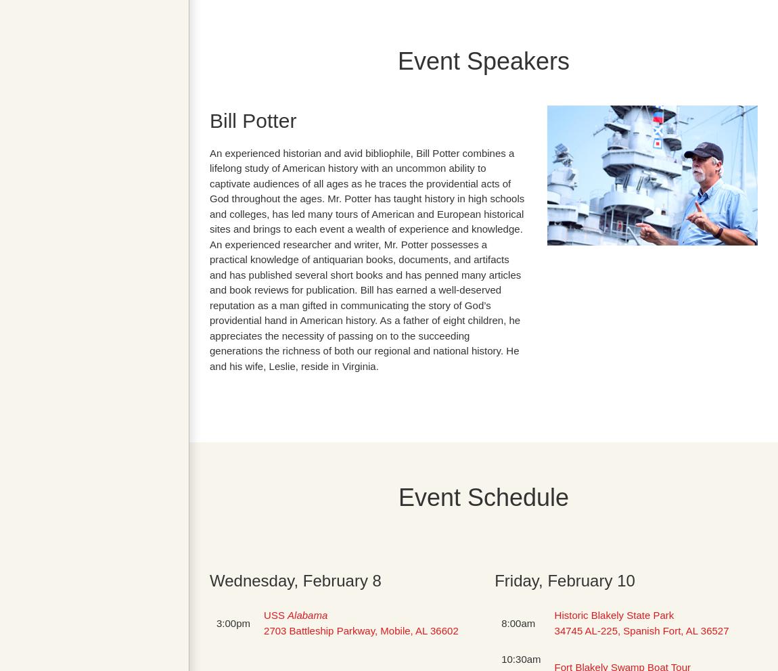 The width and height of the screenshot is (778, 671). Describe the element at coordinates (482, 497) in the screenshot. I see `'Event Schedule'` at that location.